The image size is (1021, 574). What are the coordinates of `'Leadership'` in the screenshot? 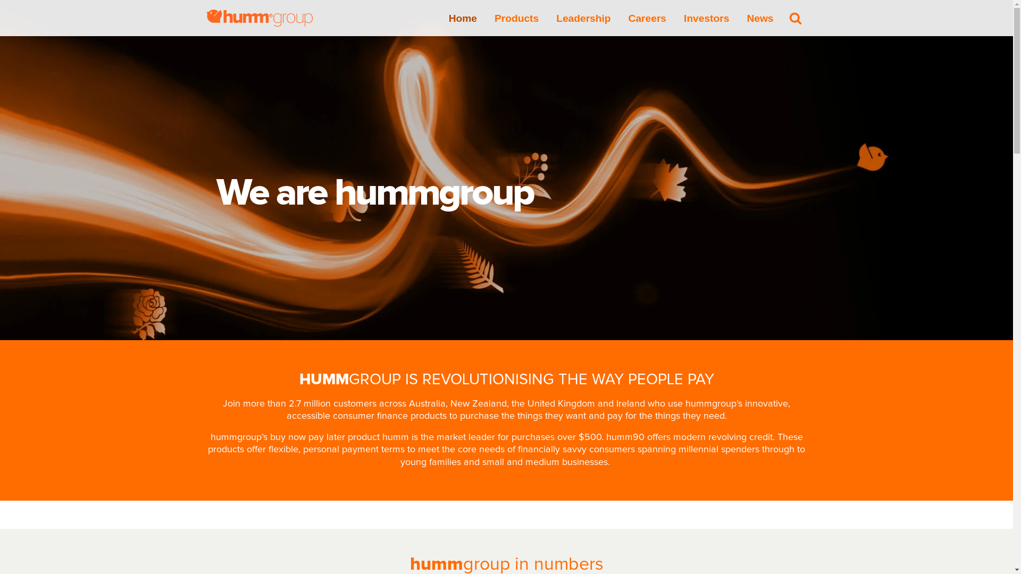 It's located at (556, 18).